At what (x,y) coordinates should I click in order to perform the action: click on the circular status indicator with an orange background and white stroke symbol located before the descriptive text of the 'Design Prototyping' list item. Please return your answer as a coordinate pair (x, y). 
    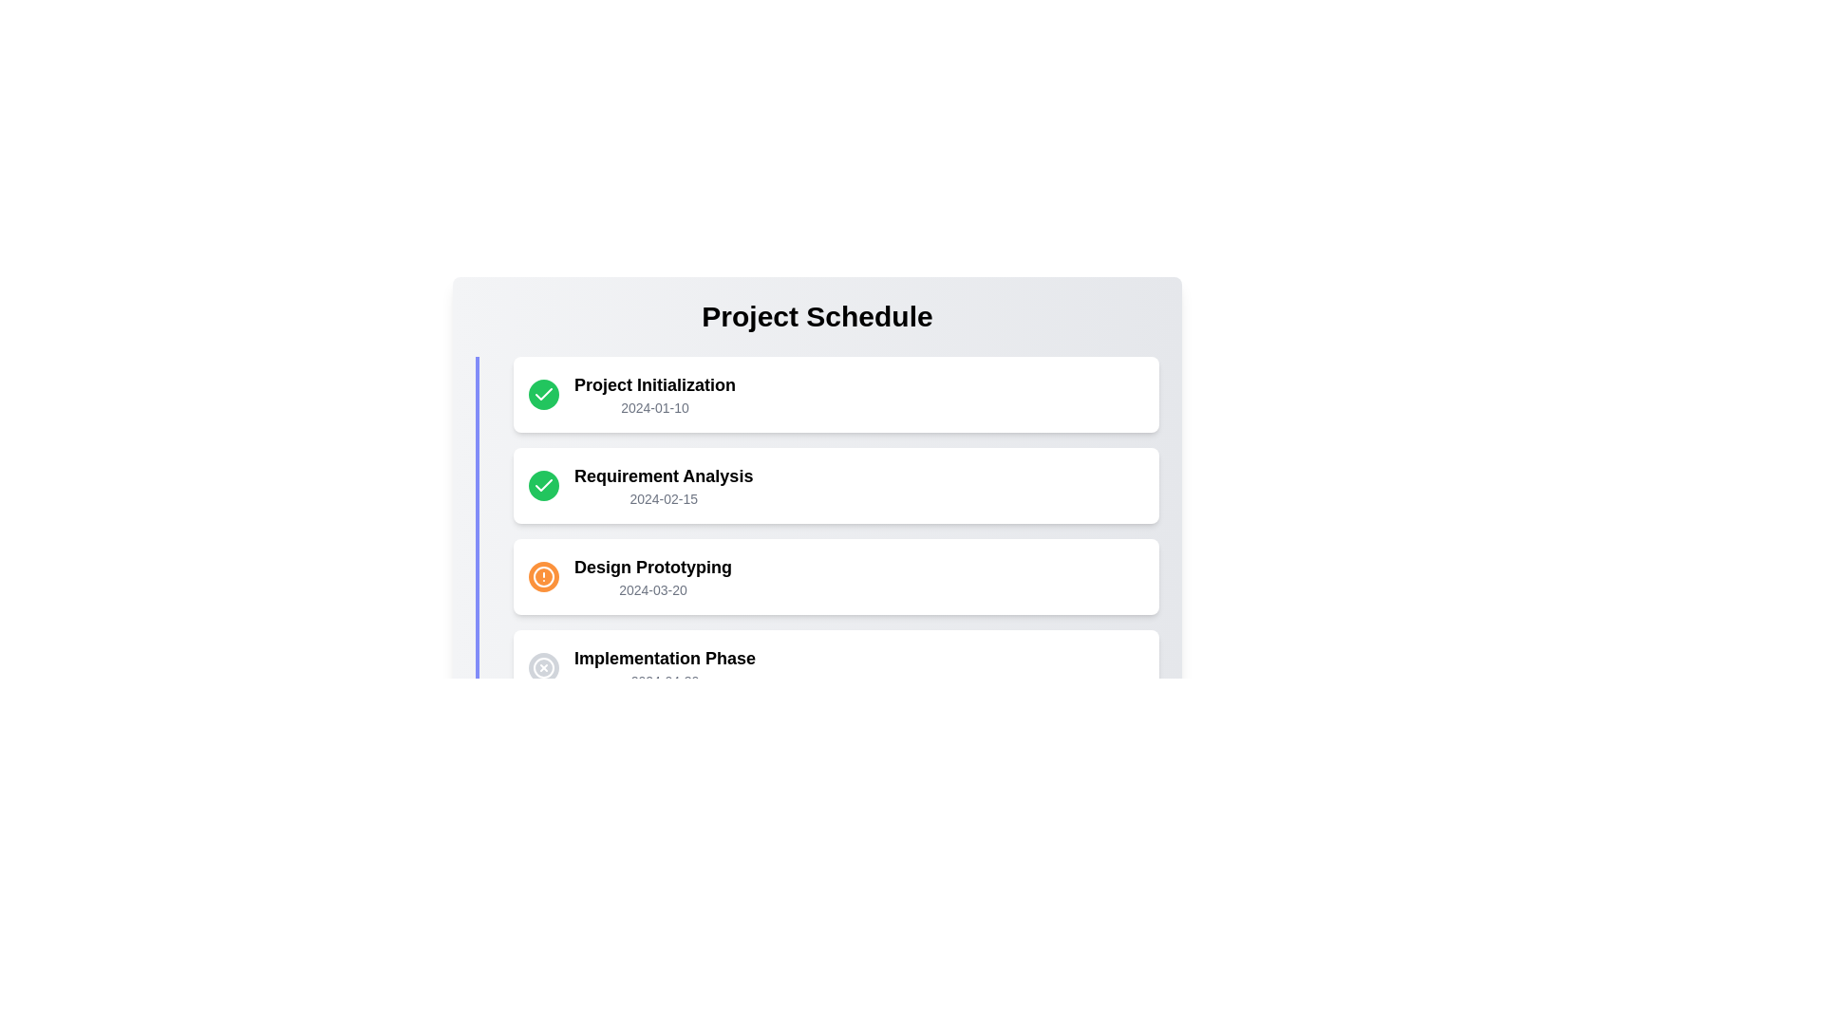
    Looking at the image, I should click on (542, 576).